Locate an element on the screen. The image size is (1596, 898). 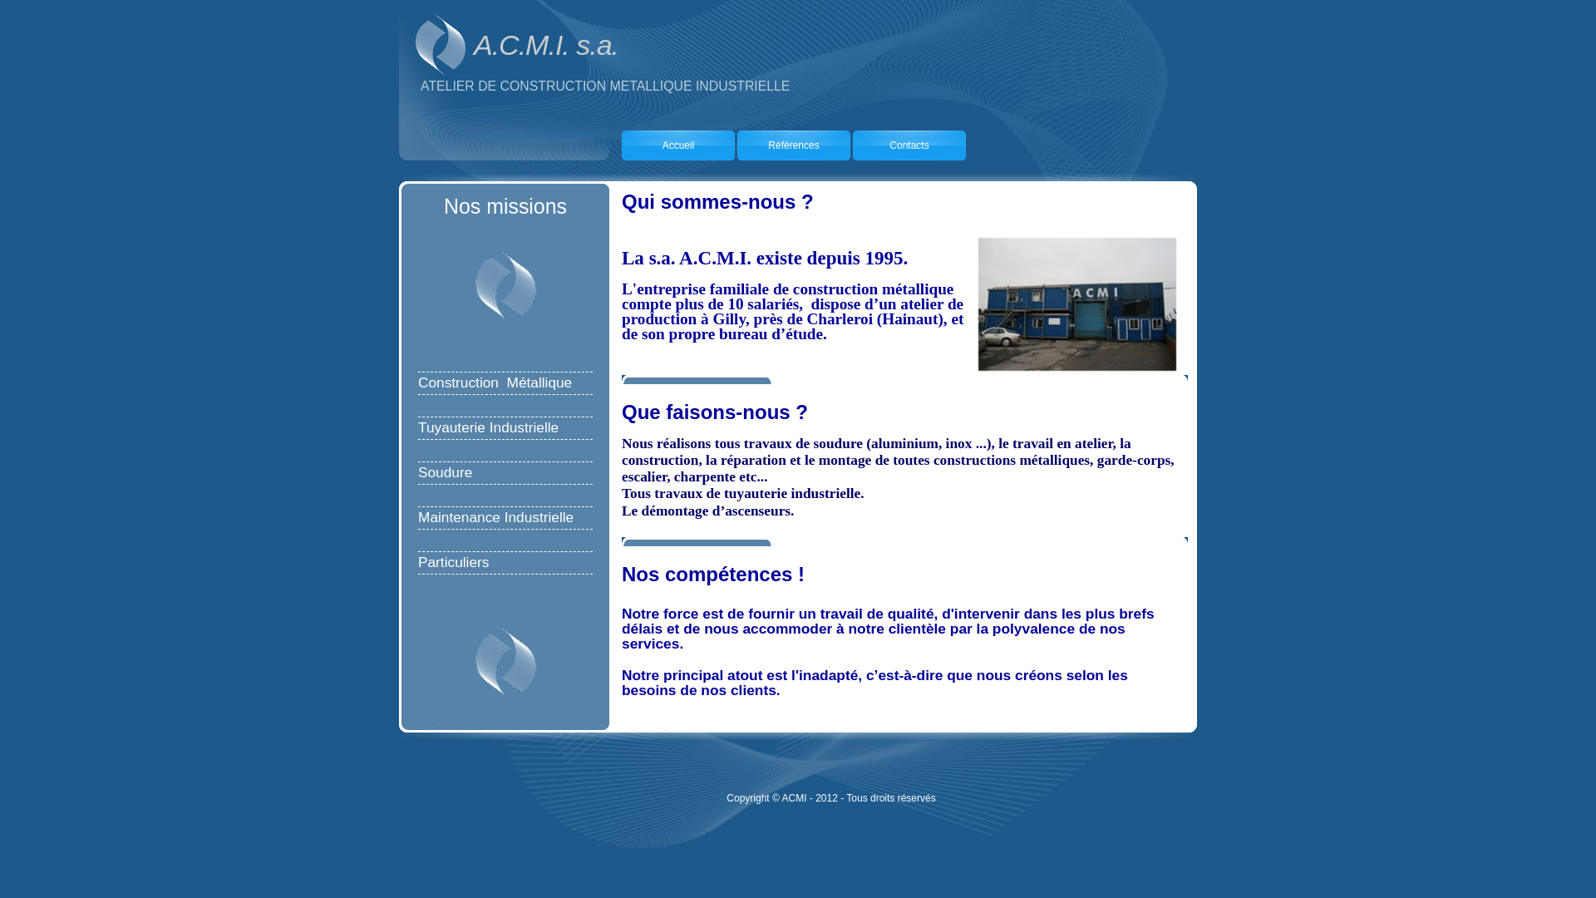
'Contacts' is located at coordinates (909, 144).